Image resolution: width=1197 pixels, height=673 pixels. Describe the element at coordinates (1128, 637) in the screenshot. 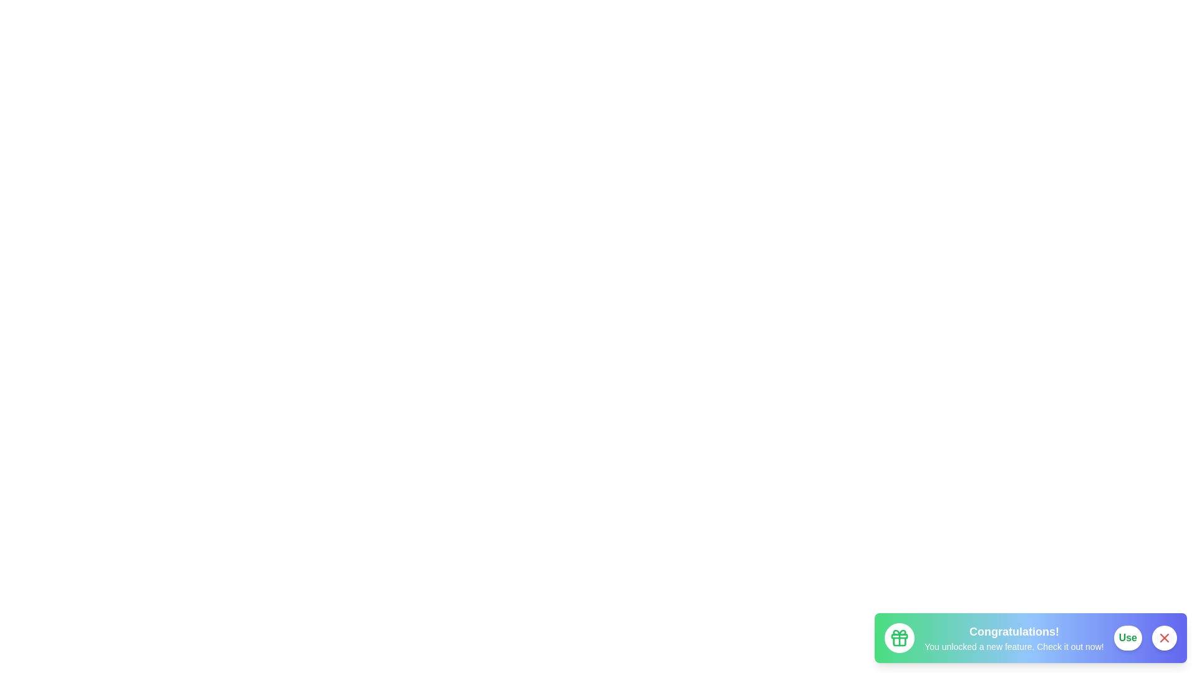

I see `the button Use to observe its hover effect` at that location.